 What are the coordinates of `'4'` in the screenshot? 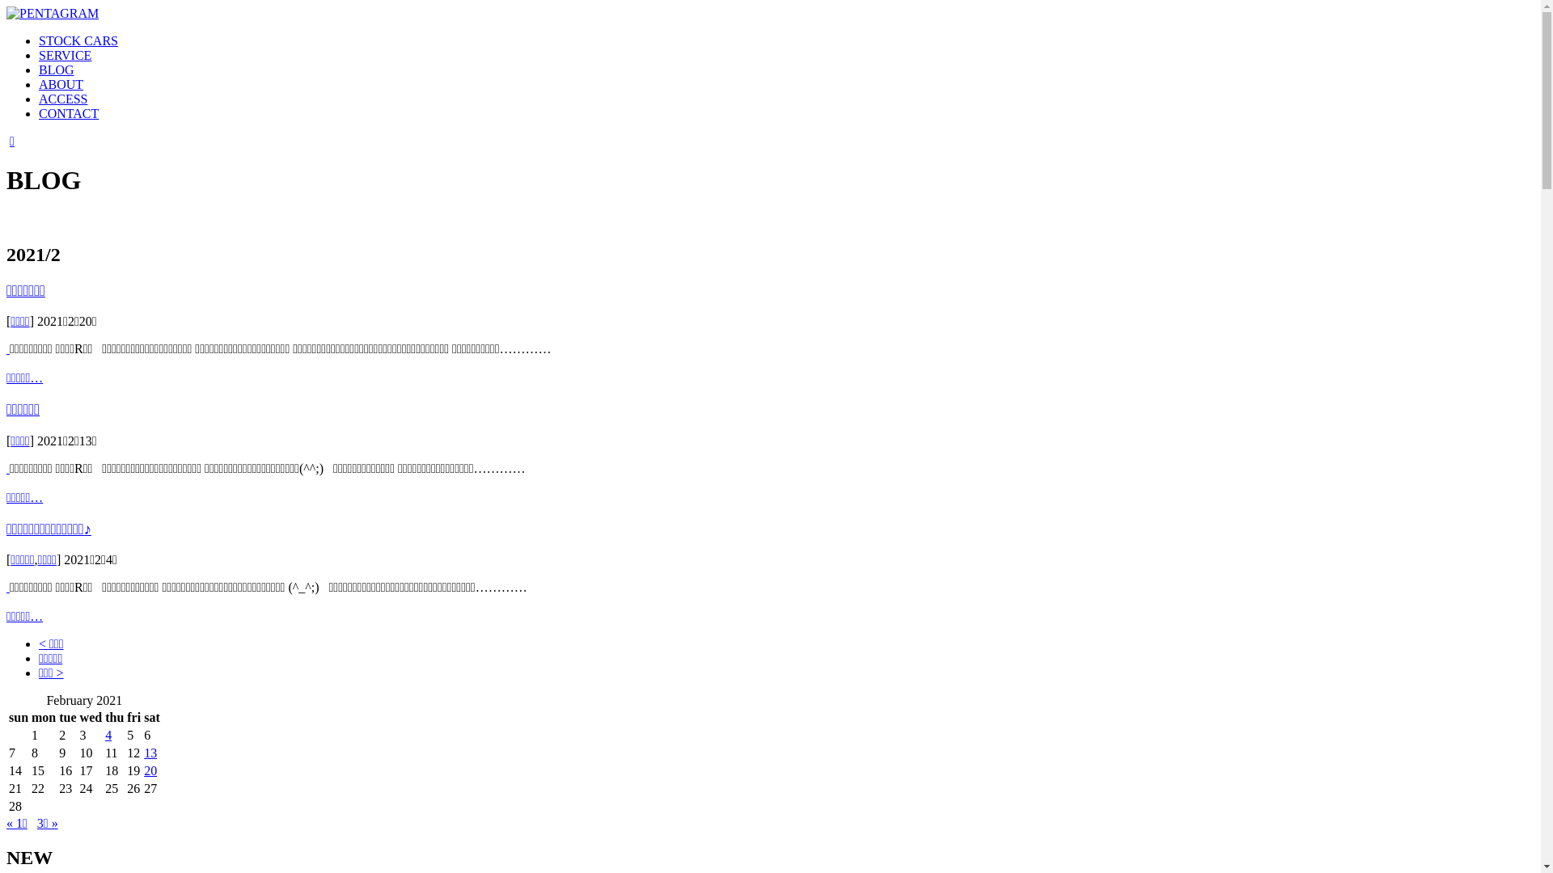 It's located at (108, 735).